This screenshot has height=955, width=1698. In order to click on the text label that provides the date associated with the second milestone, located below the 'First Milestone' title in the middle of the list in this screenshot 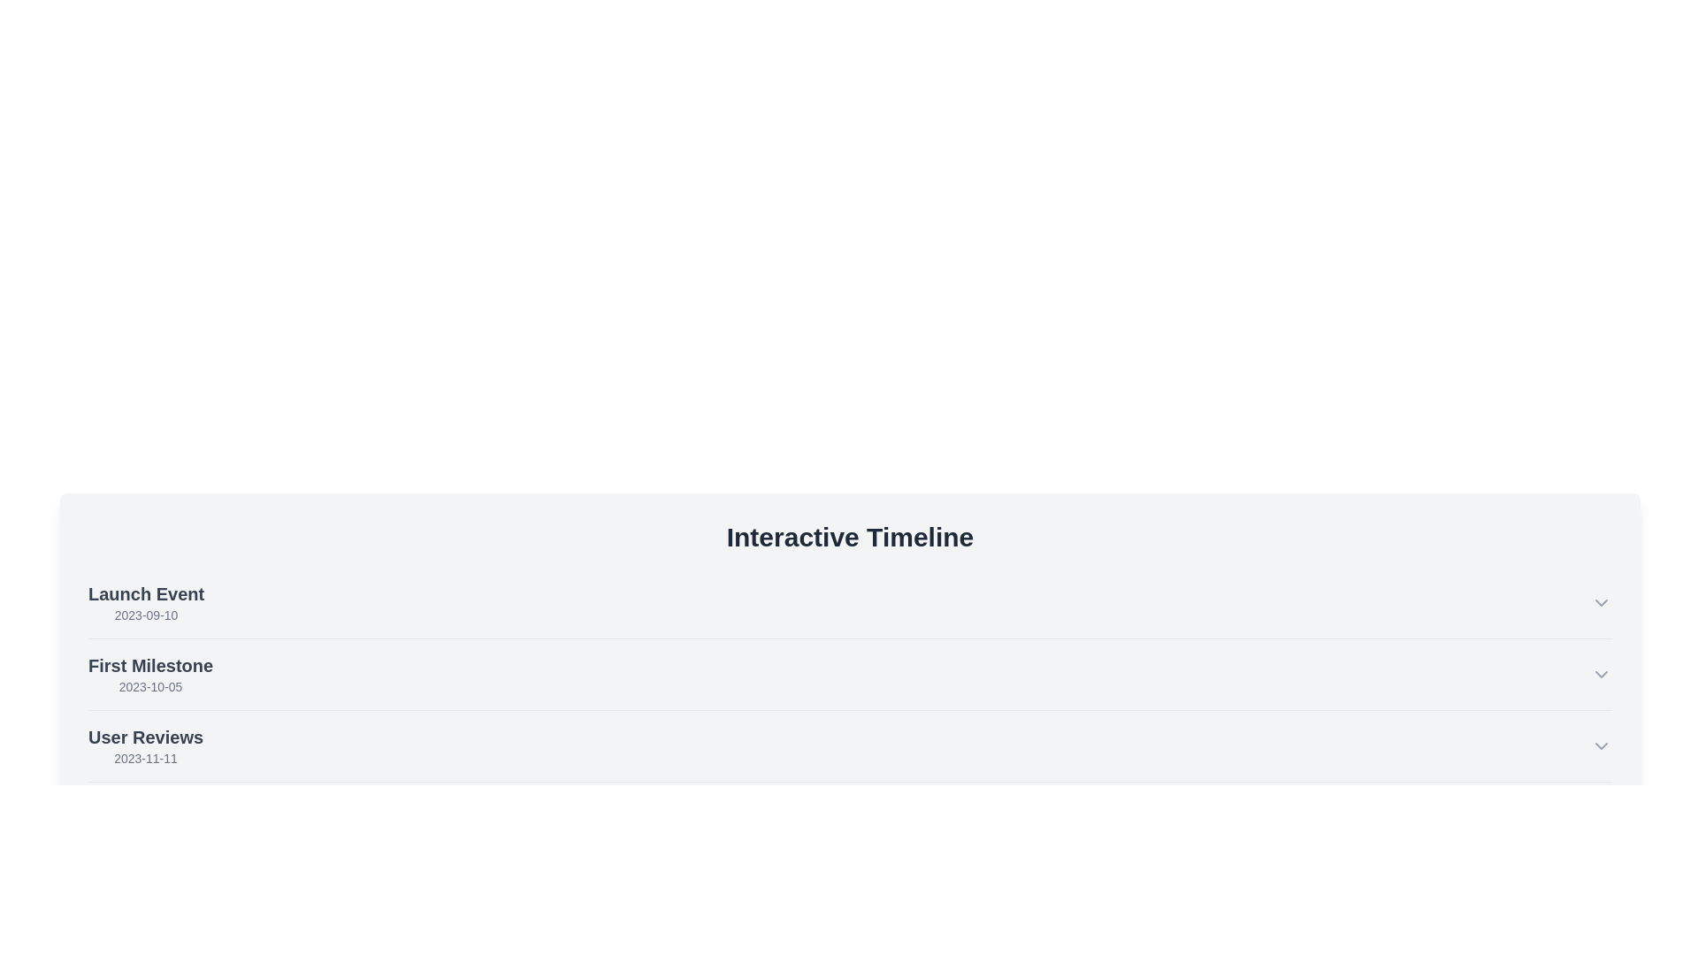, I will do `click(150, 685)`.